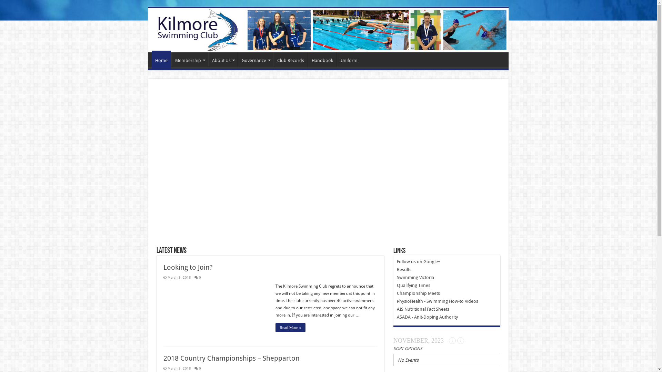 The image size is (662, 372). What do you see at coordinates (322, 59) in the screenshot?
I see `'Handbook'` at bounding box center [322, 59].